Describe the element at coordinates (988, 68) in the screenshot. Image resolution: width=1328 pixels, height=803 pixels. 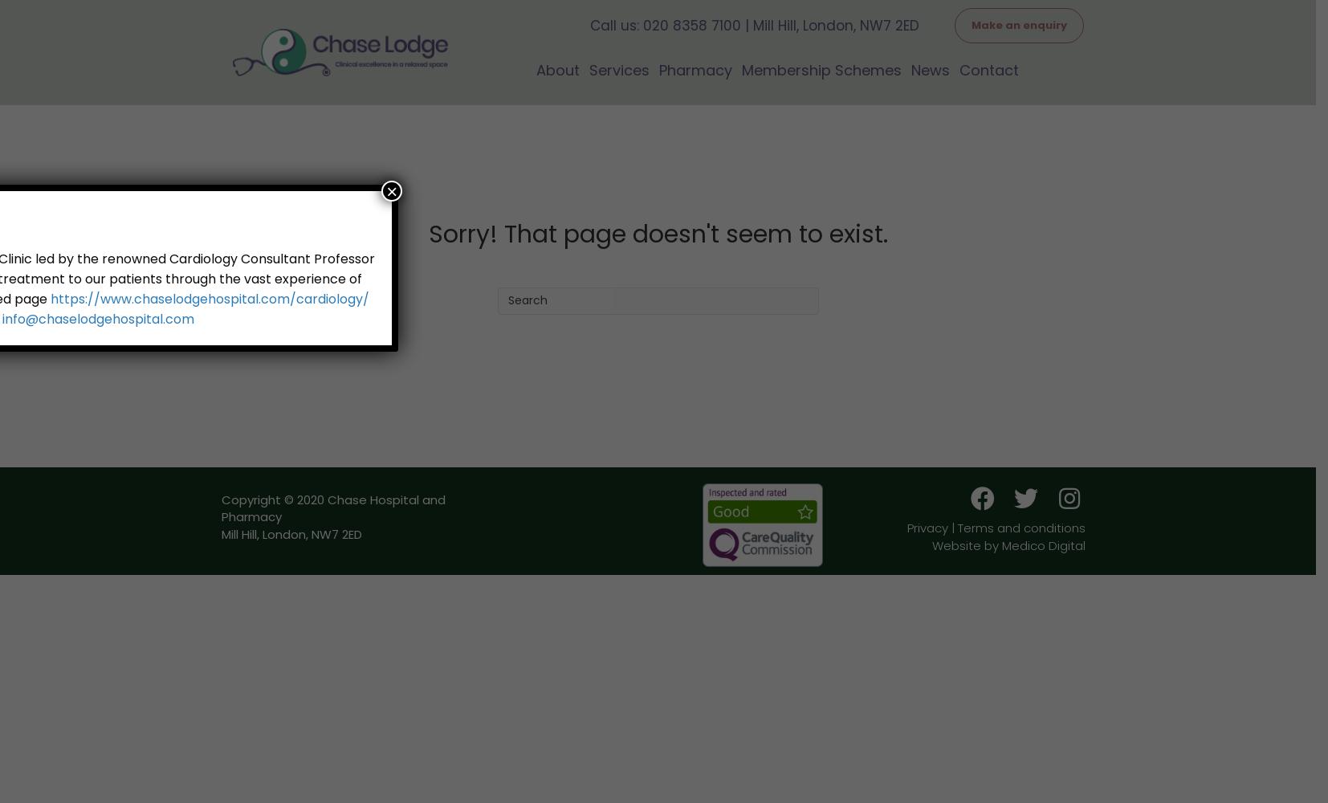
I see `'Contact'` at that location.